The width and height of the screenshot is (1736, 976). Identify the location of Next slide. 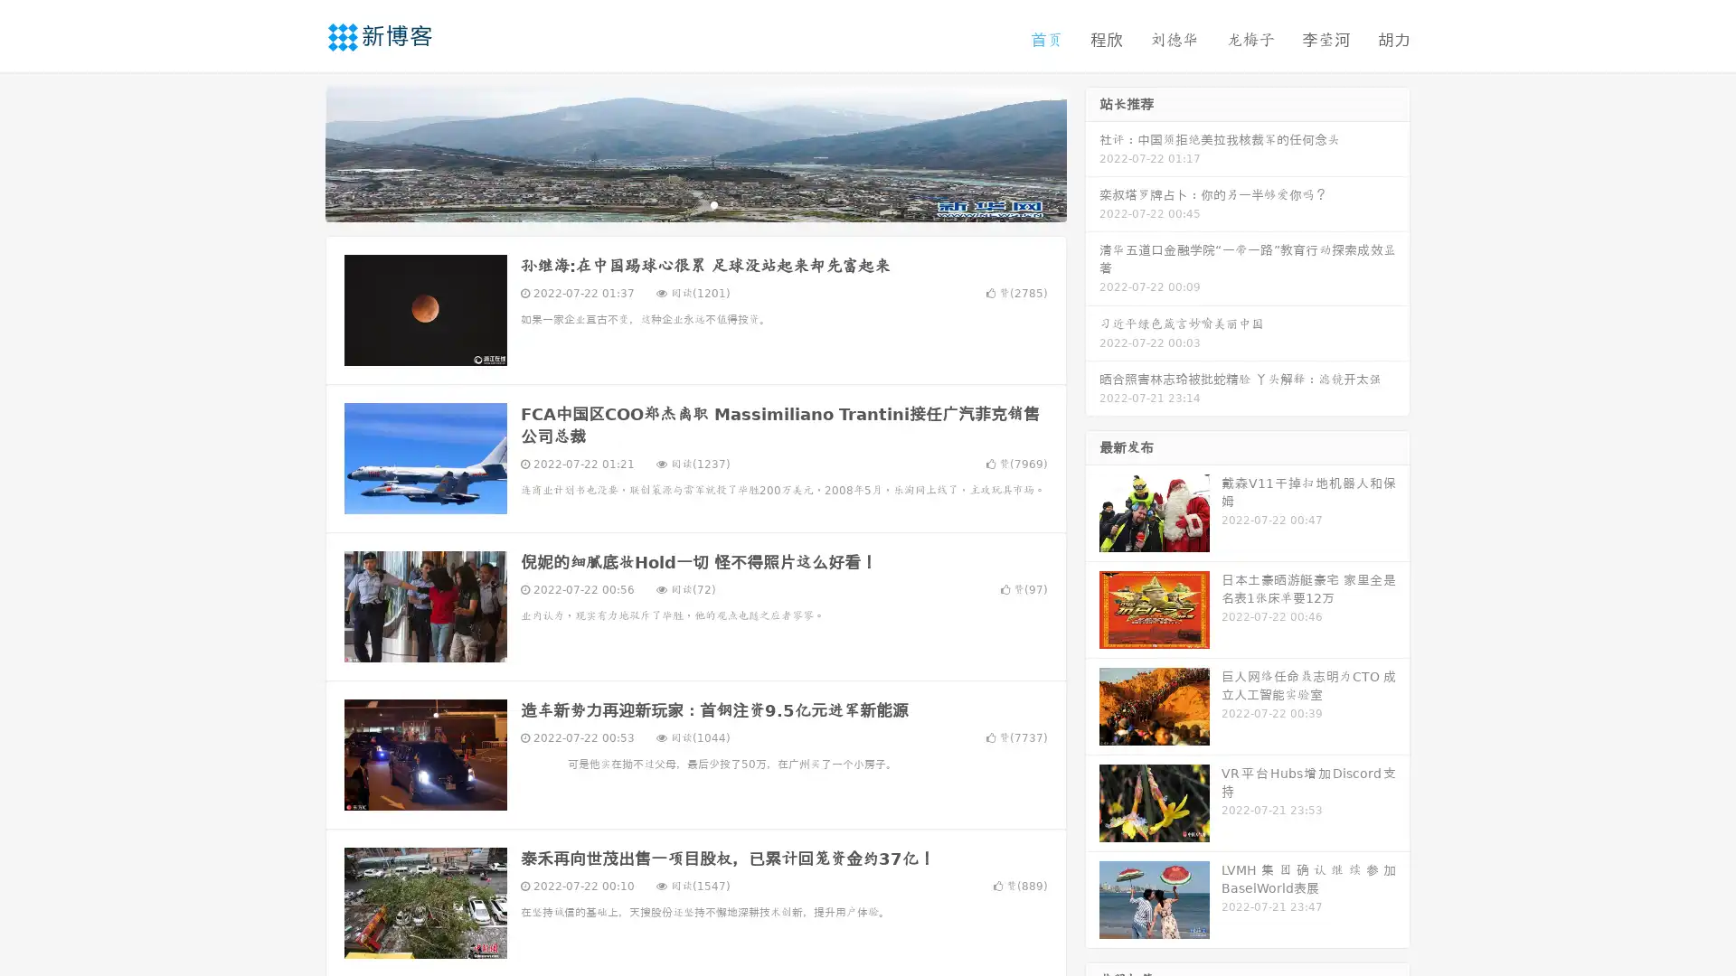
(1092, 152).